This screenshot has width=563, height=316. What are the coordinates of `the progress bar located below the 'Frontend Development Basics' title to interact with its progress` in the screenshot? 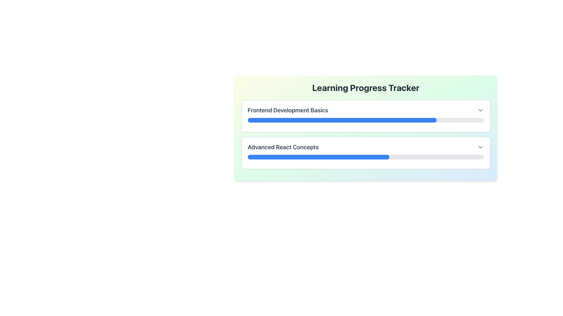 It's located at (365, 120).